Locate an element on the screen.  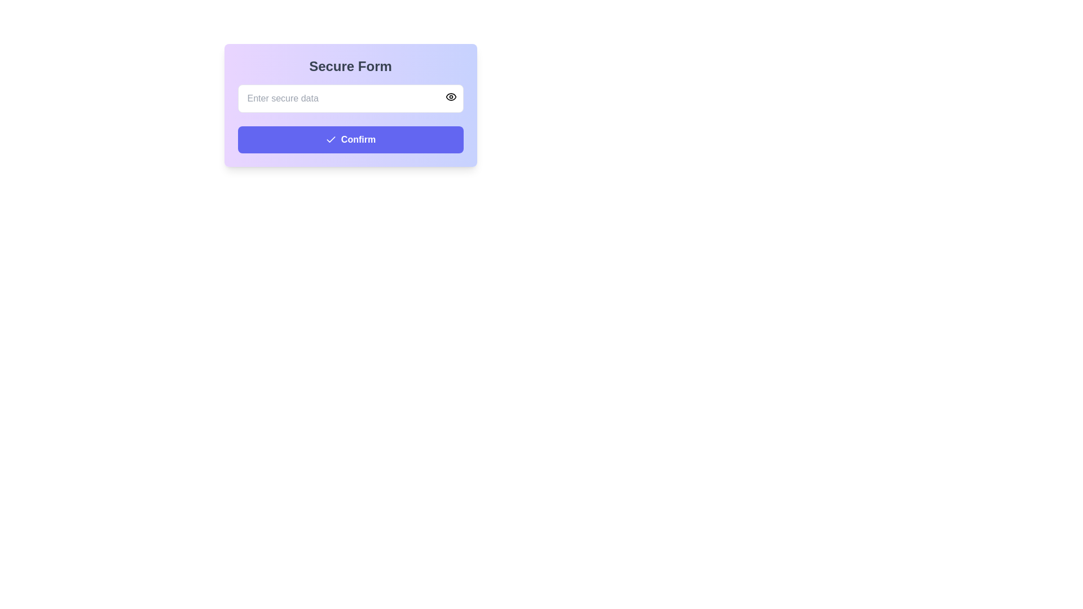
the eye icon button located at the top right corner of the password input field is located at coordinates (450, 96).